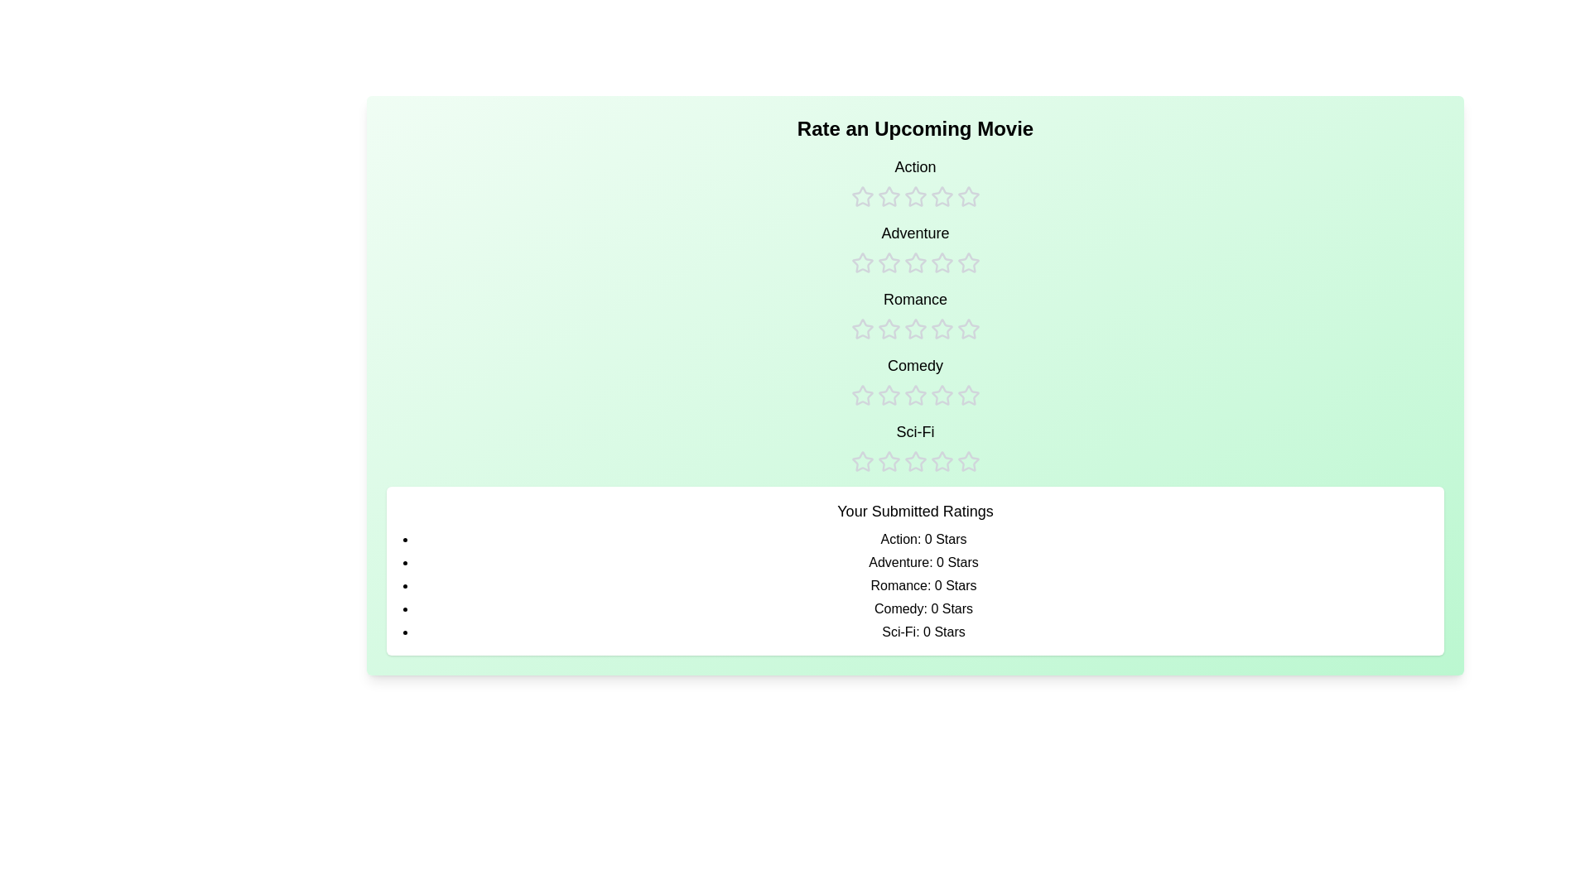  Describe the element at coordinates (968, 447) in the screenshot. I see `the rating for the Sci-Fi category to 5 stars` at that location.